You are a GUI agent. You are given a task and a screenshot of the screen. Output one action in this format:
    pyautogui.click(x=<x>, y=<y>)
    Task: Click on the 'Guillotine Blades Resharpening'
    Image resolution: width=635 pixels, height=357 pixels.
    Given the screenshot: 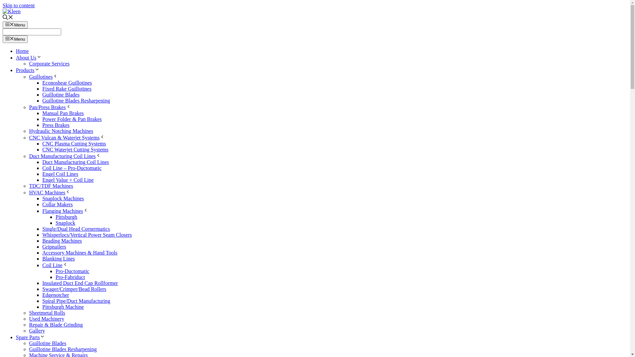 What is the action you would take?
    pyautogui.click(x=76, y=100)
    